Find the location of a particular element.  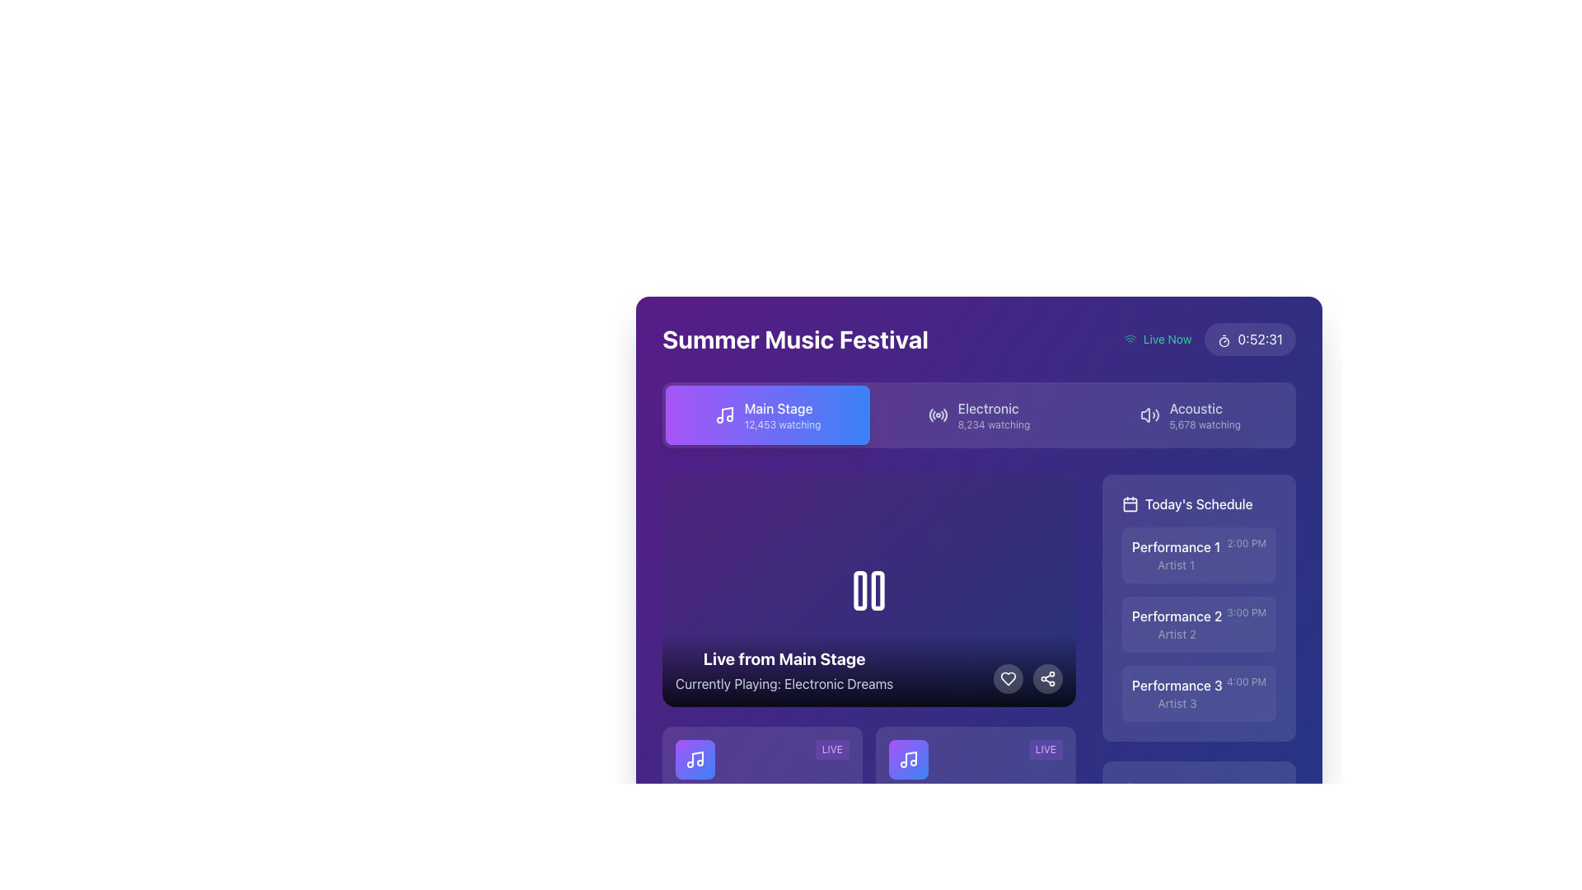

text label with the word 'Electronic' that has a purple background and white text coloration, positioned between 'Main Stage' and 'Acoustic' to identify the stage is located at coordinates (993, 408).